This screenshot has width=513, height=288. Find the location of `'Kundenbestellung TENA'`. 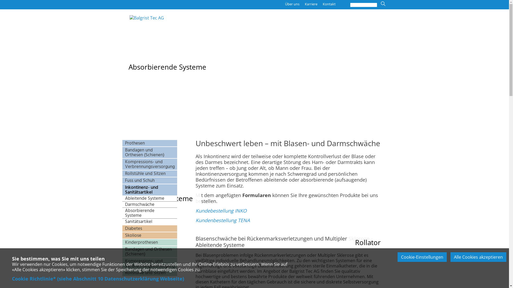

'Kundenbestellung TENA' is located at coordinates (223, 220).